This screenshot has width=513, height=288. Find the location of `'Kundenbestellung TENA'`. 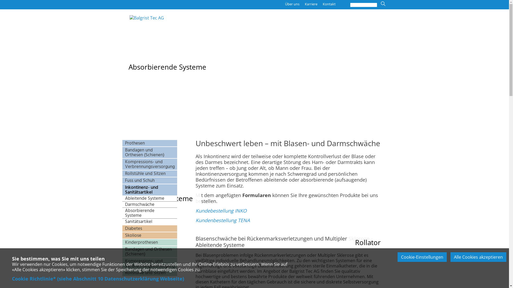

'Kundenbestellung TENA' is located at coordinates (223, 220).